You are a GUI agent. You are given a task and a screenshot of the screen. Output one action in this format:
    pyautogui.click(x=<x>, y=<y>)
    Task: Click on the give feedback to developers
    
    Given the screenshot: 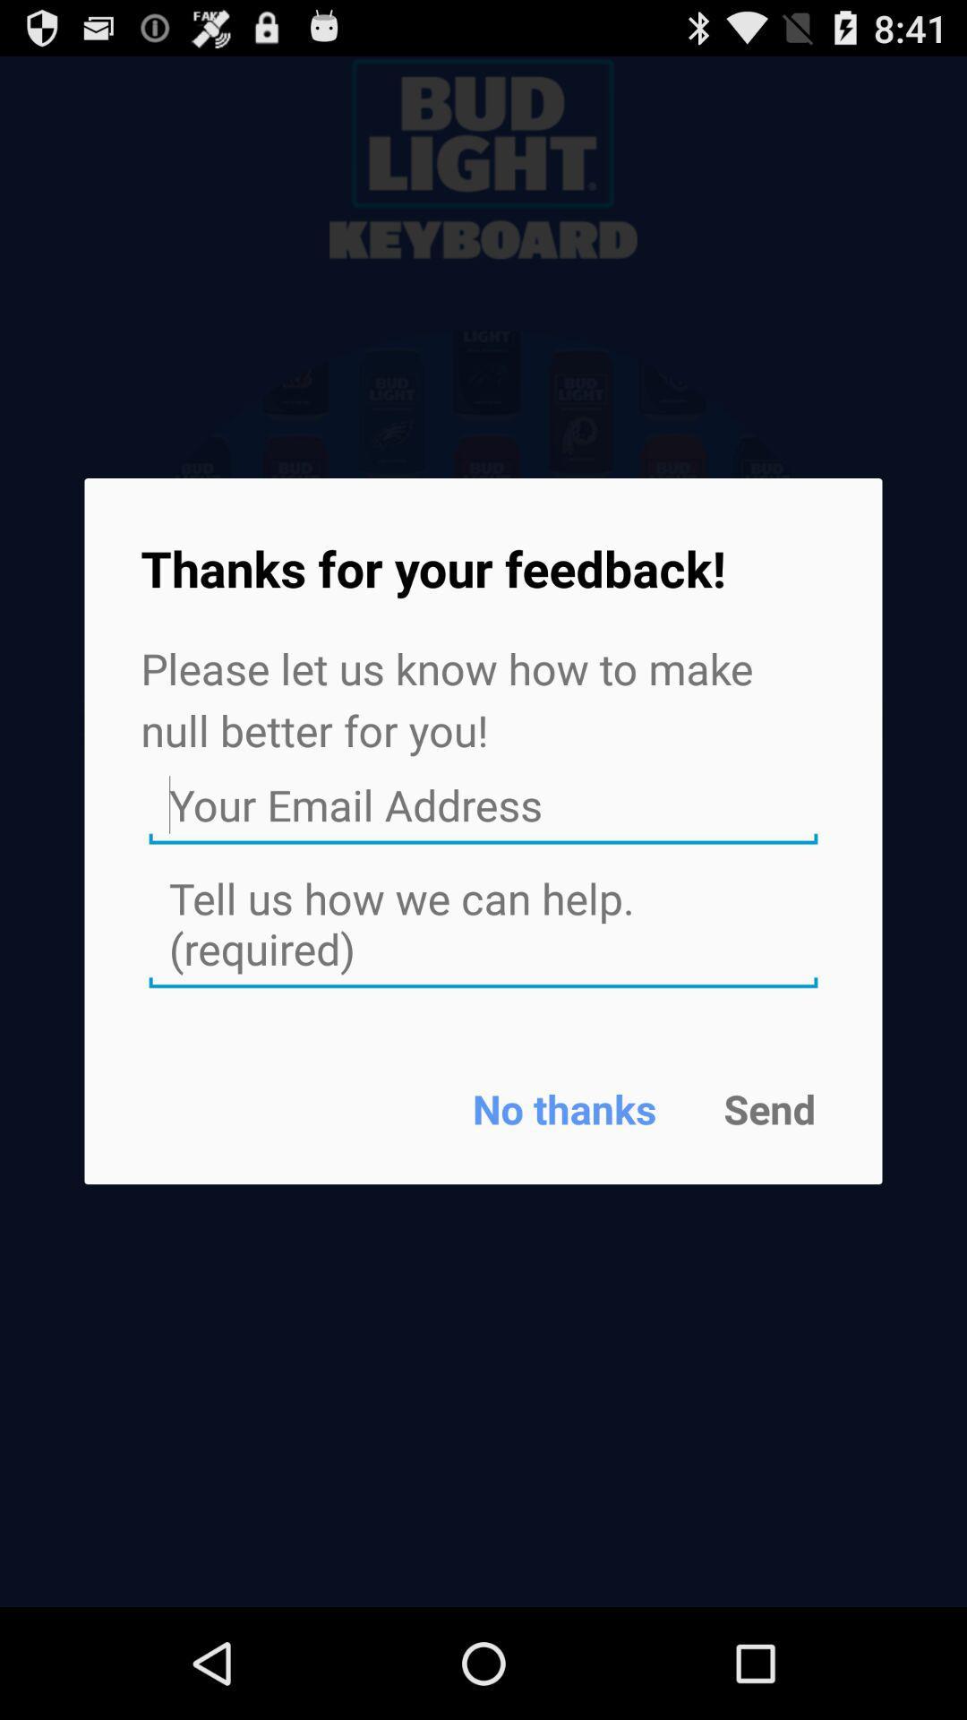 What is the action you would take?
    pyautogui.click(x=483, y=924)
    